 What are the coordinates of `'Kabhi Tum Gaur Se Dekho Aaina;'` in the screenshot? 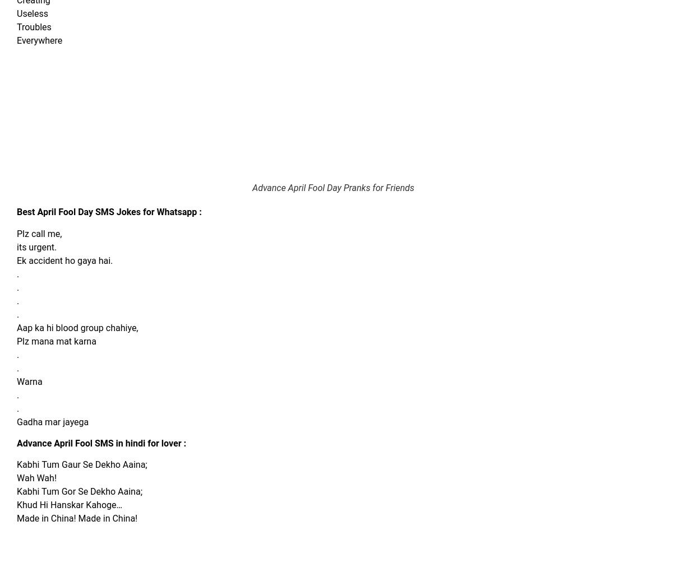 It's located at (82, 464).